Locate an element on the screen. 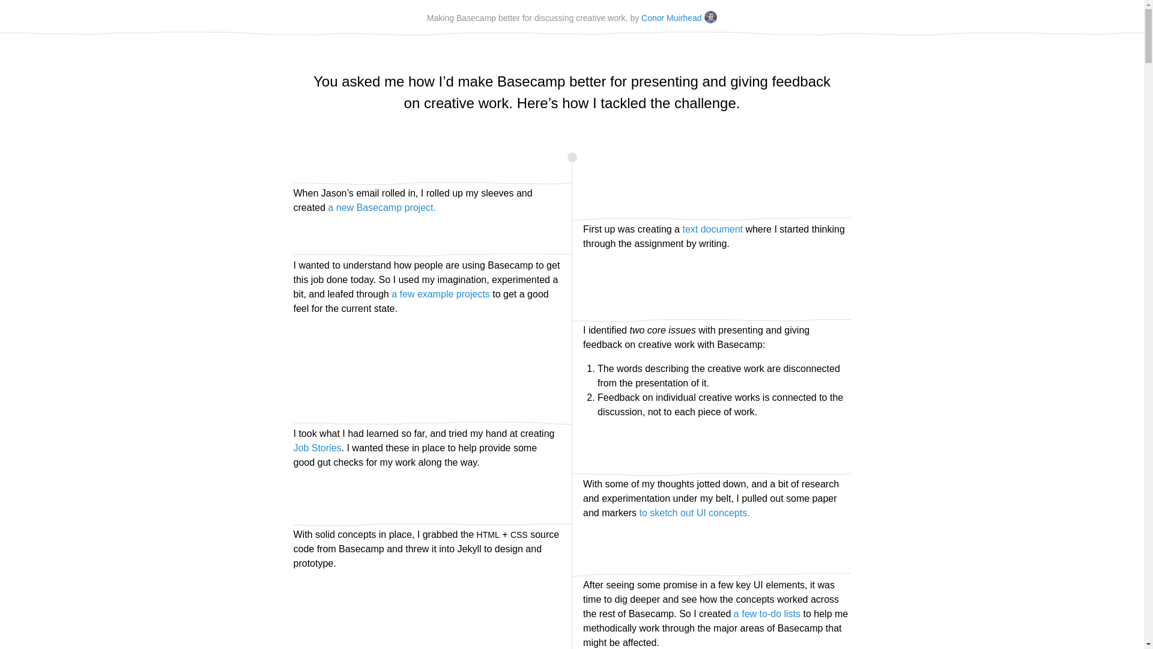 The width and height of the screenshot is (1153, 649). 'concepts.' is located at coordinates (709, 513).